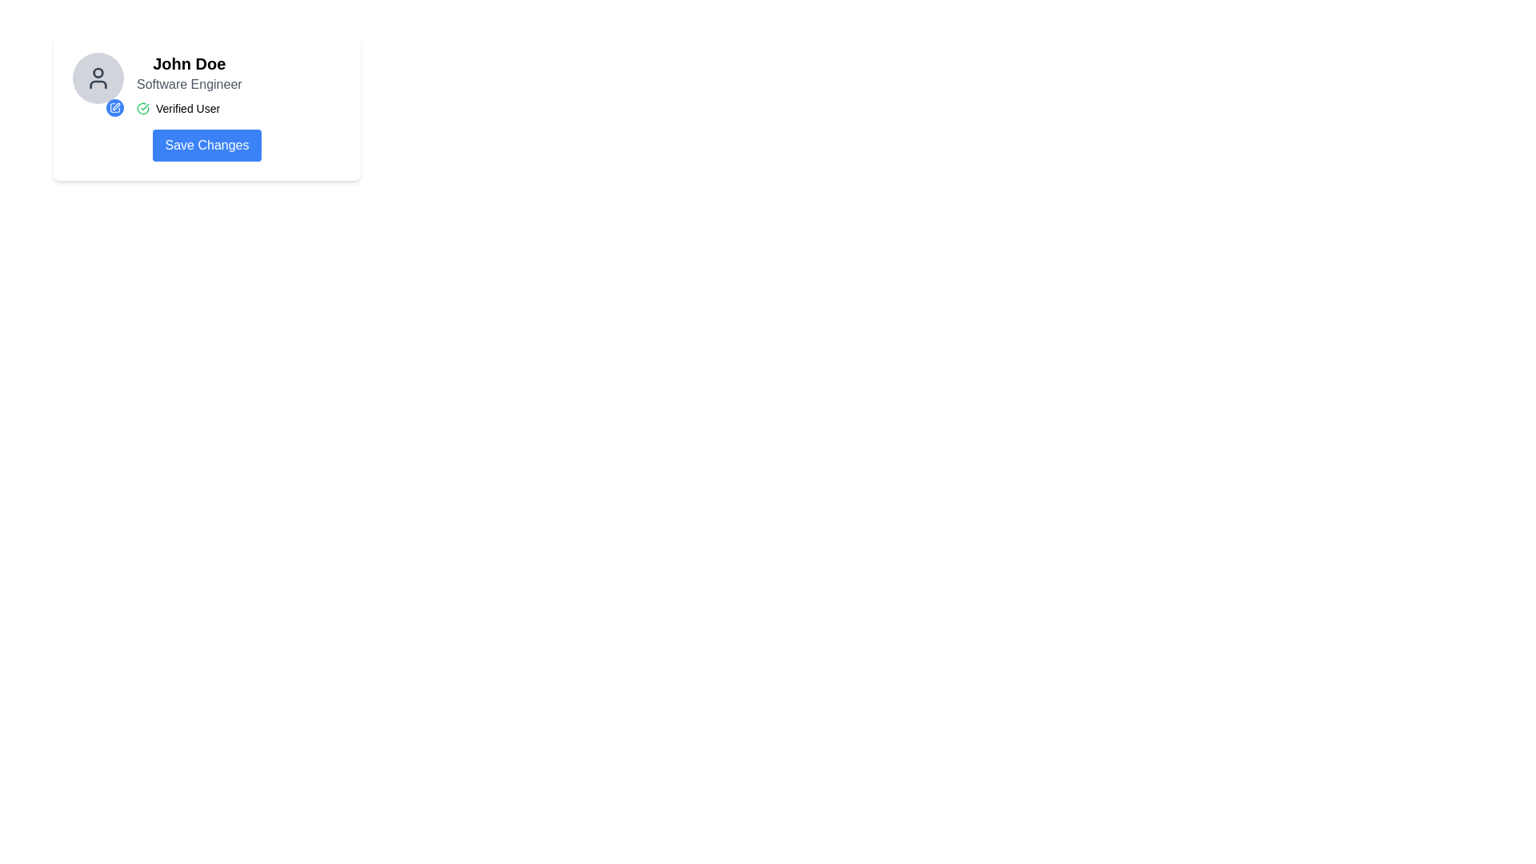  What do you see at coordinates (114, 108) in the screenshot?
I see `the edit button located at the bottom-right of the user's avatar image` at bounding box center [114, 108].